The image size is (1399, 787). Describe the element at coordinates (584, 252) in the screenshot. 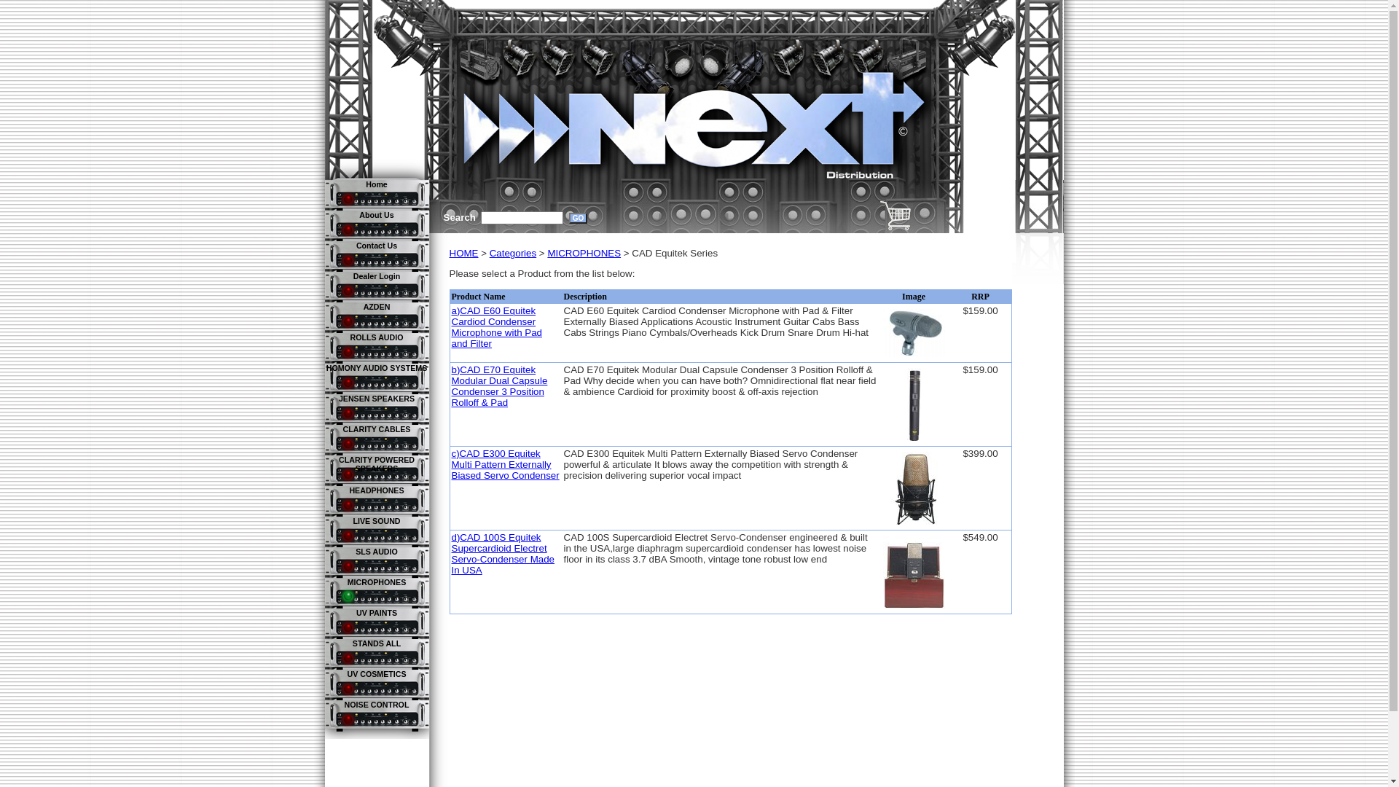

I see `'MICROPHONES'` at that location.